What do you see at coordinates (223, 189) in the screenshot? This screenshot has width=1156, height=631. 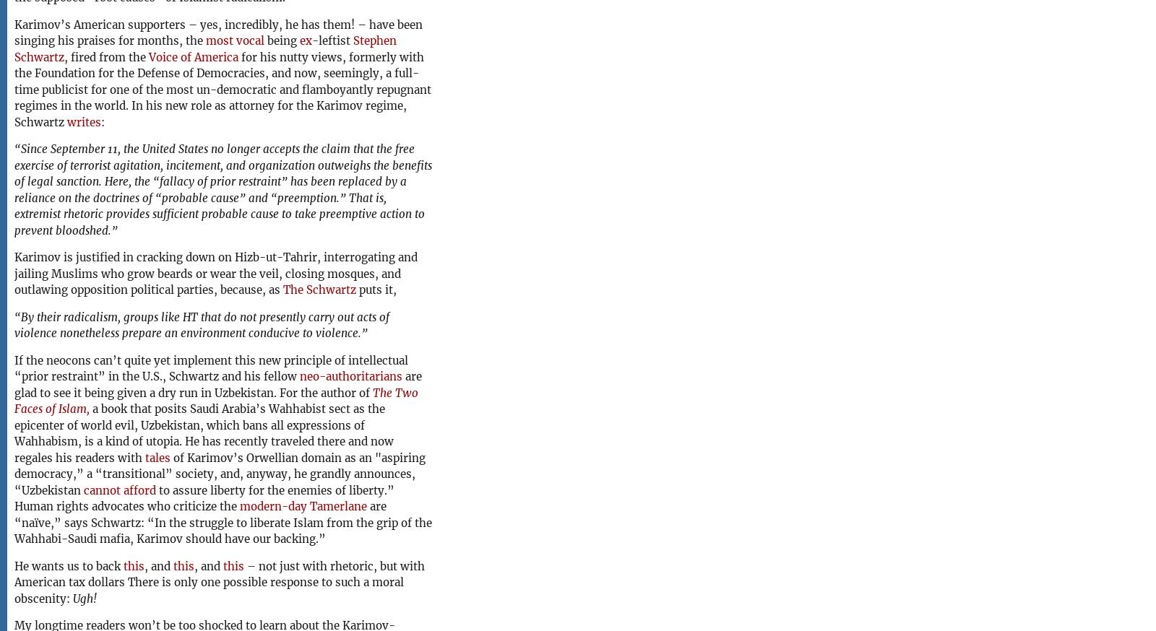 I see `'“Since September 11, the United States no longer accepts the claim that the free exercise of terrorist agitation, incitement, and organization outweighs the benefits of legal sanction. Here, the “fallacy of prior restraint” has been replaced by a reliance on the doctrines of “probable cause” and “preemption.” That is, extremist rhetoric provides sufficient probable cause to take preemptive action to prevent bloodshed.”'` at bounding box center [223, 189].